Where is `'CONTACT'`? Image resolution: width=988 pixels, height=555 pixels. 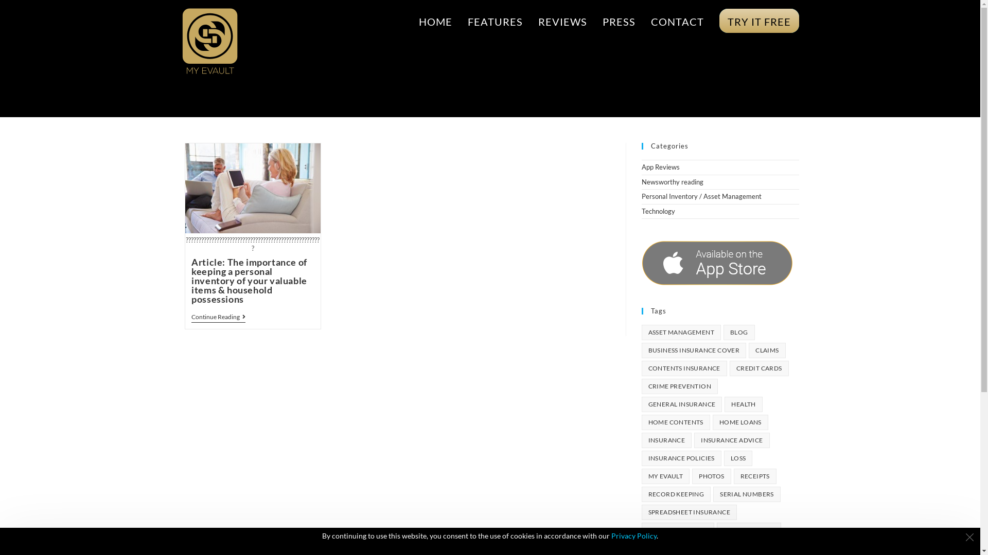
'CONTACT' is located at coordinates (677, 22).